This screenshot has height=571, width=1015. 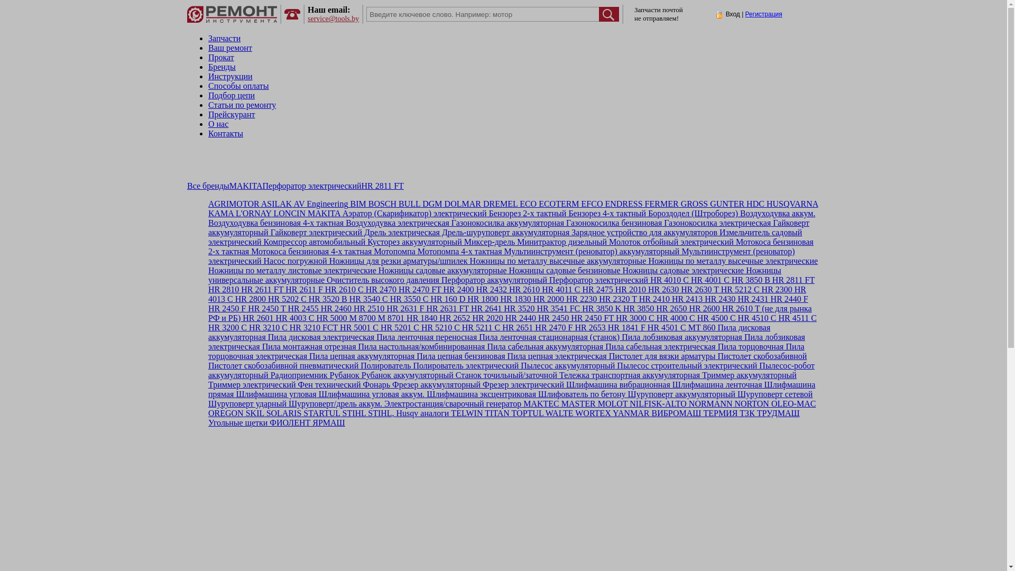 What do you see at coordinates (630, 412) in the screenshot?
I see `'YANMAR'` at bounding box center [630, 412].